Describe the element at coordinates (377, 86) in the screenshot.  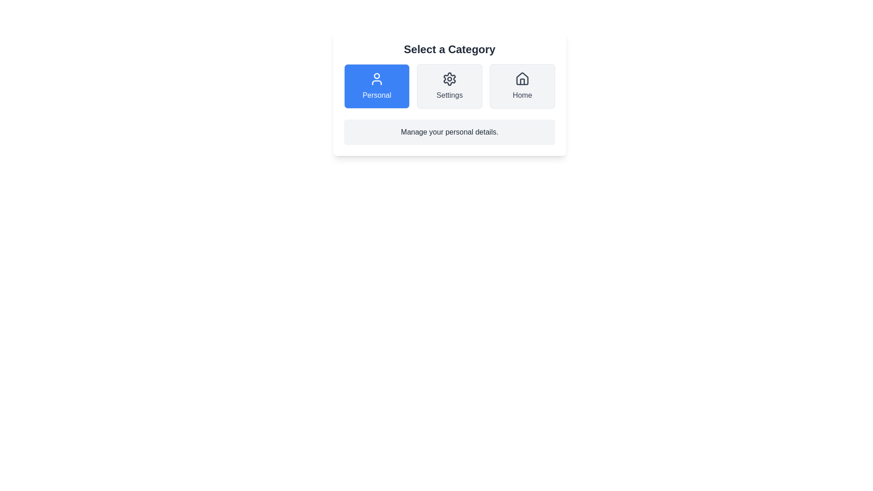
I see `the Personal button to select the corresponding category` at that location.